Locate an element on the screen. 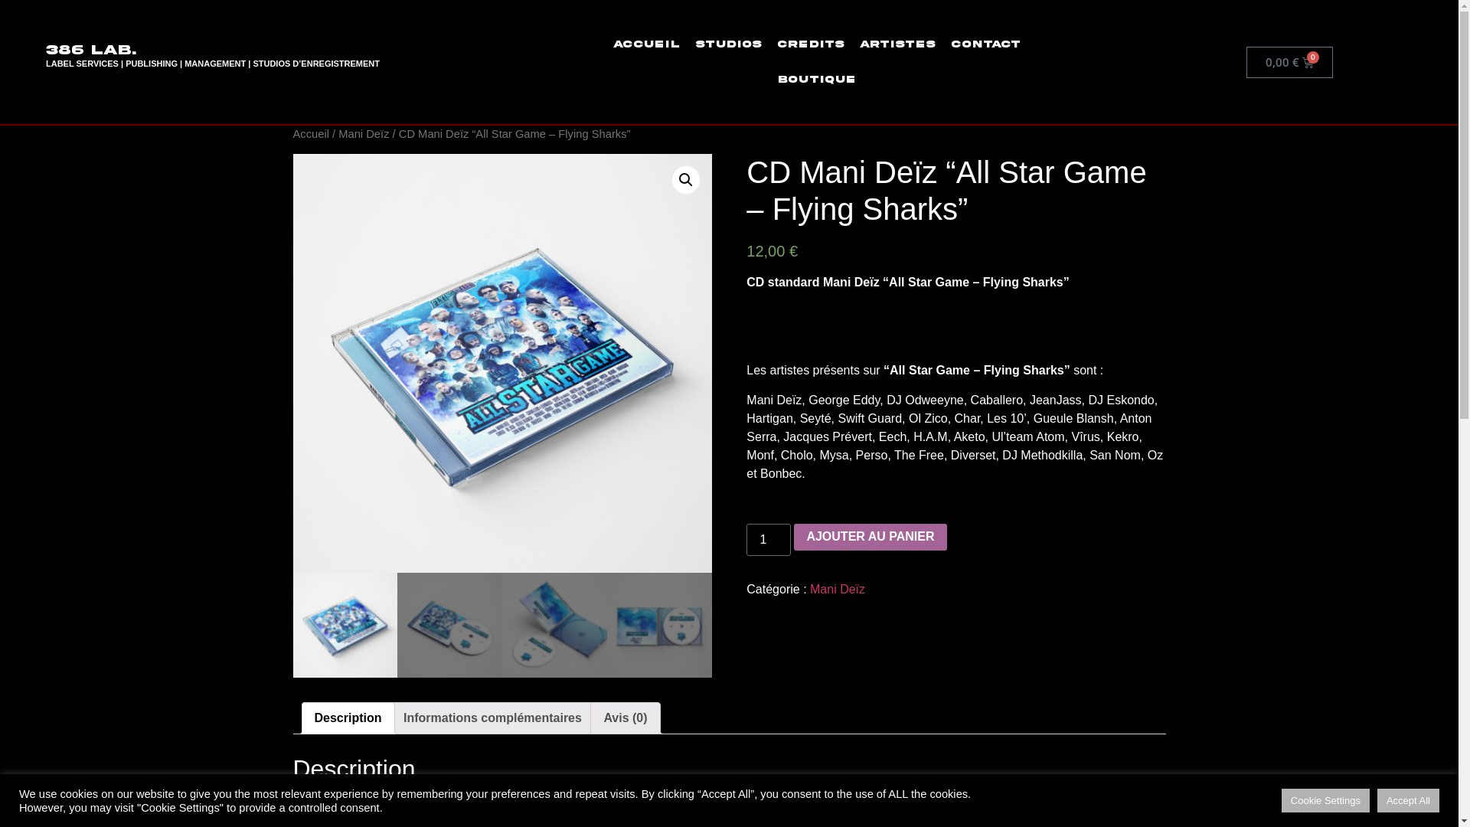 The width and height of the screenshot is (1470, 827). 'Cookie Settings' is located at coordinates (1325, 799).